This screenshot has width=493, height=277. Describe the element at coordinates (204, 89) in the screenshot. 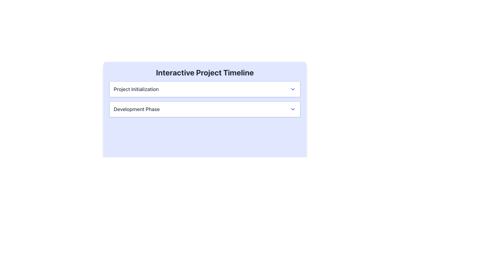

I see `the dropdown list item labeled 'Project Initialization', which is the first row in the 'Interactive Project Timeline' panel` at that location.